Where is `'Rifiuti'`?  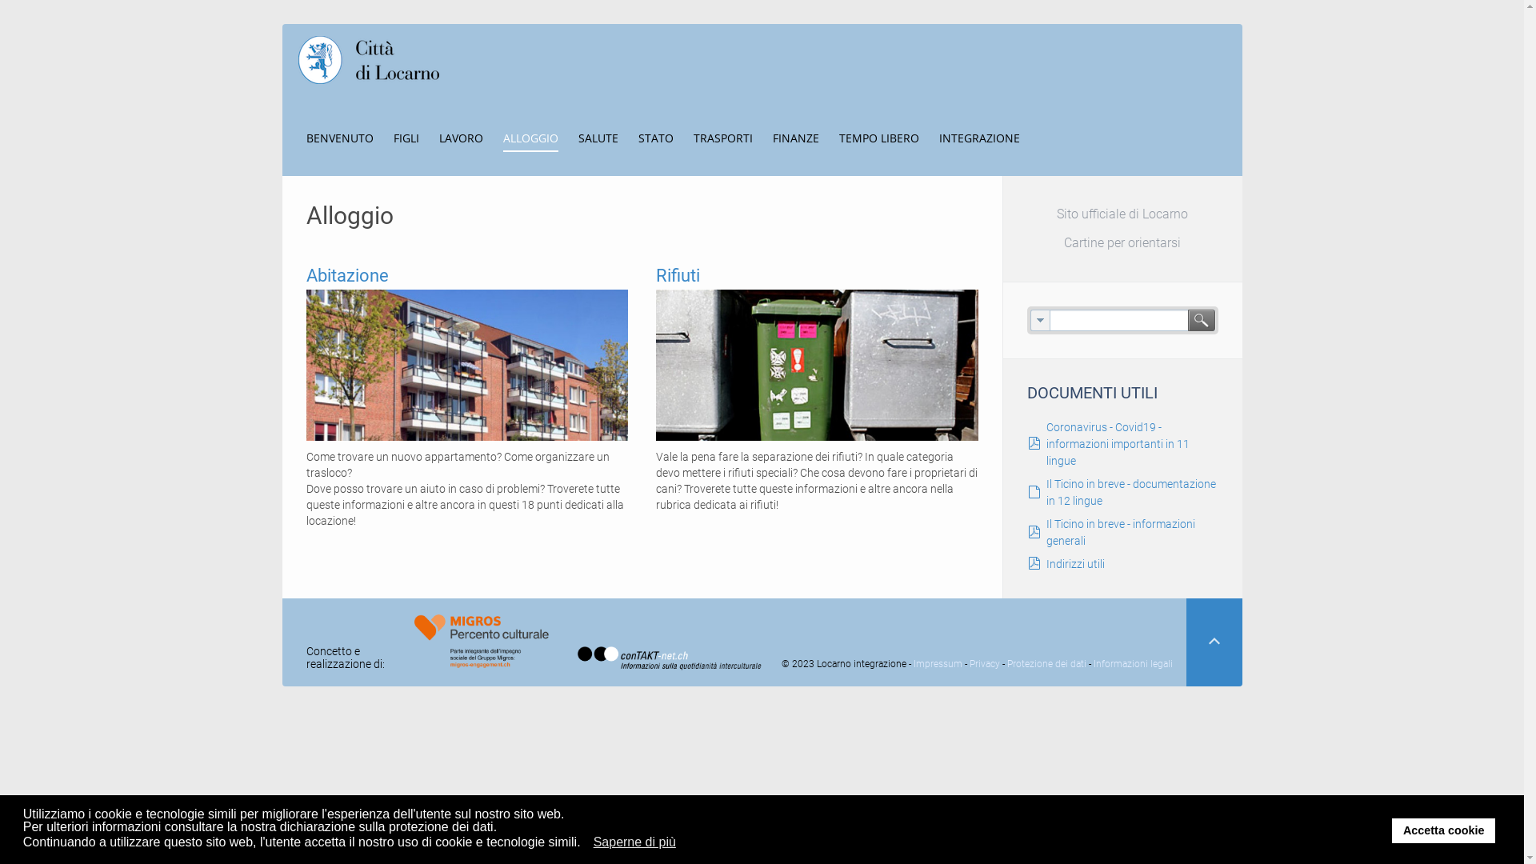
'Rifiuti' is located at coordinates (817, 364).